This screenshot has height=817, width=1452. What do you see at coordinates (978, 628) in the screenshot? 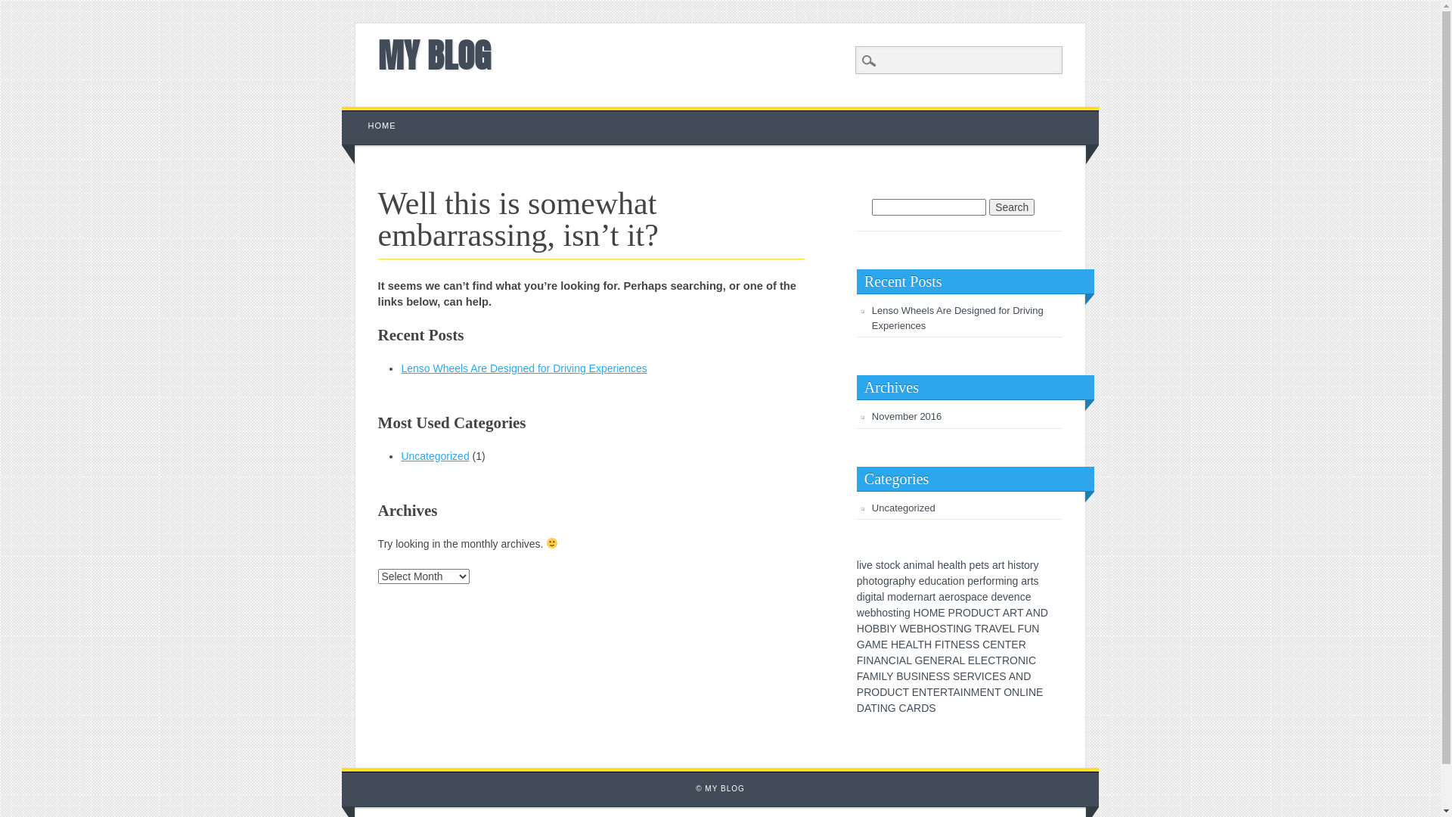
I see `'T'` at bounding box center [978, 628].